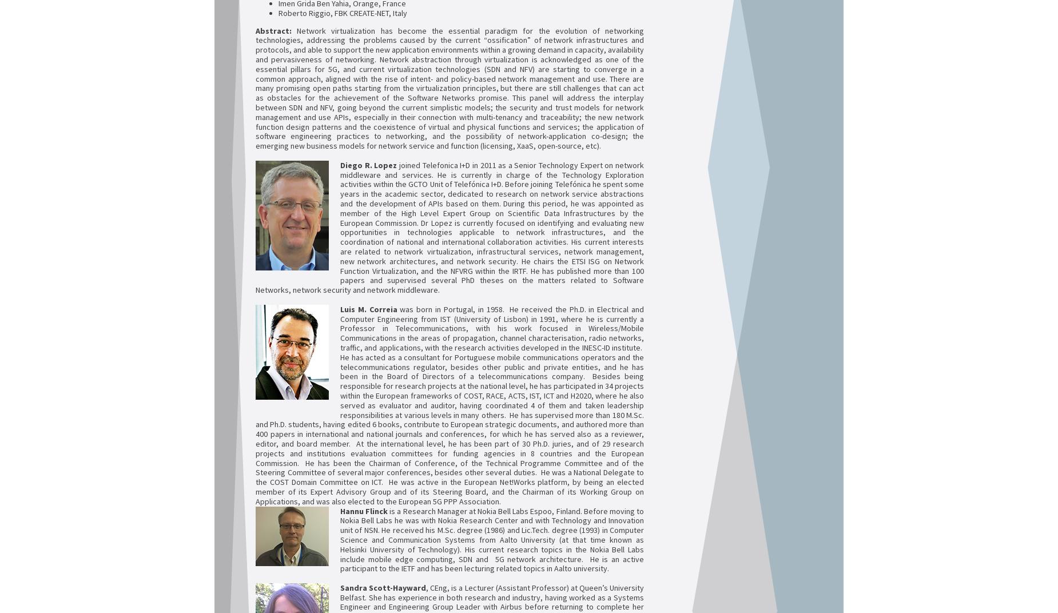  What do you see at coordinates (492, 539) in the screenshot?
I see `'is a Research Manager at Nokia Bell Labs Espoo, Finland. Before moving to Nokia Bell Labs he was with Nokia Research Center and with Technology and Innovation unit of NSN. He received his M.Sc. degree (1986) and Lic.Tech. degree (1993) in Computer Science and Communication Systems from Aalto University (at that time known as Helsinki University of Technology). His current research topics in the Nokia Bell Labs include mobile edge computing, SDN and  5G network architecture.  He is an active participant to the IETF and has been lecturing related topics in Aalto university.'` at bounding box center [492, 539].